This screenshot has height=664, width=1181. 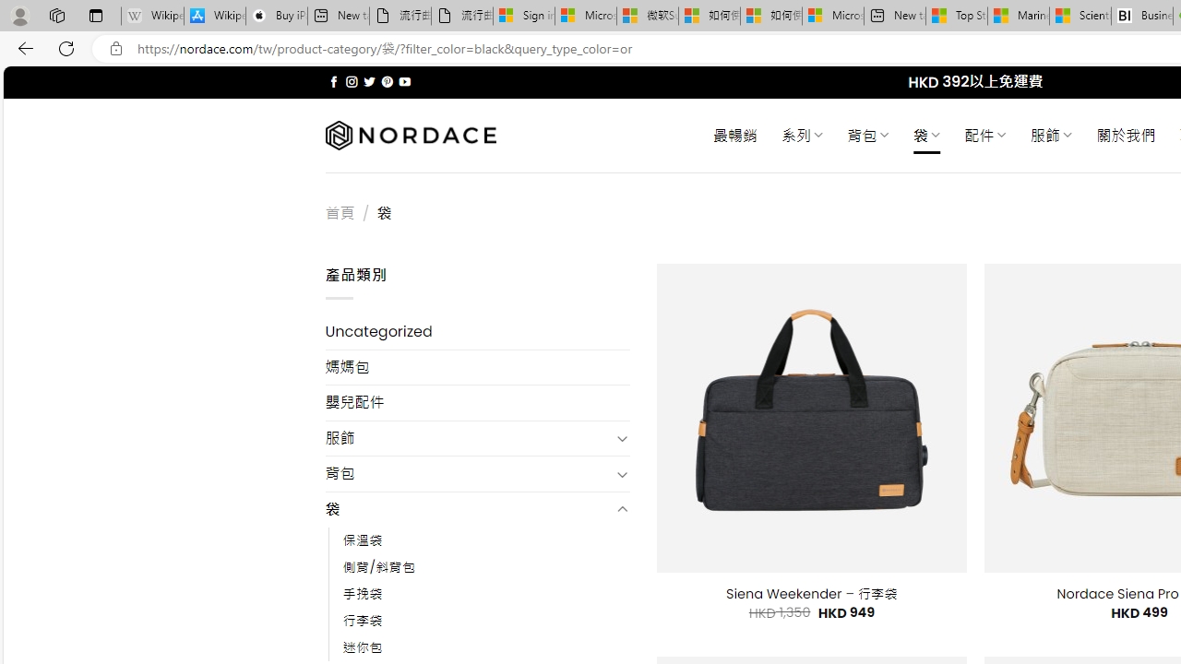 I want to click on 'Marine life - MSN', so click(x=1018, y=16).